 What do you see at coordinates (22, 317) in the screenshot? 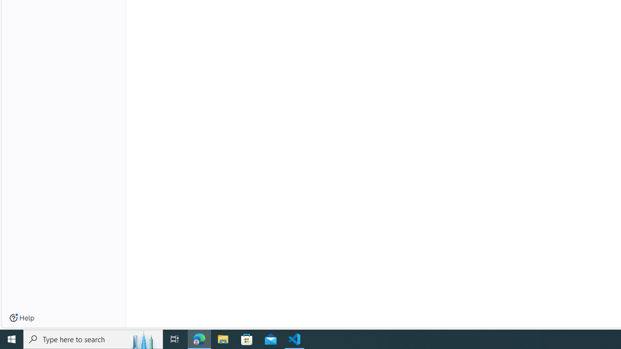
I see `'Help'` at bounding box center [22, 317].